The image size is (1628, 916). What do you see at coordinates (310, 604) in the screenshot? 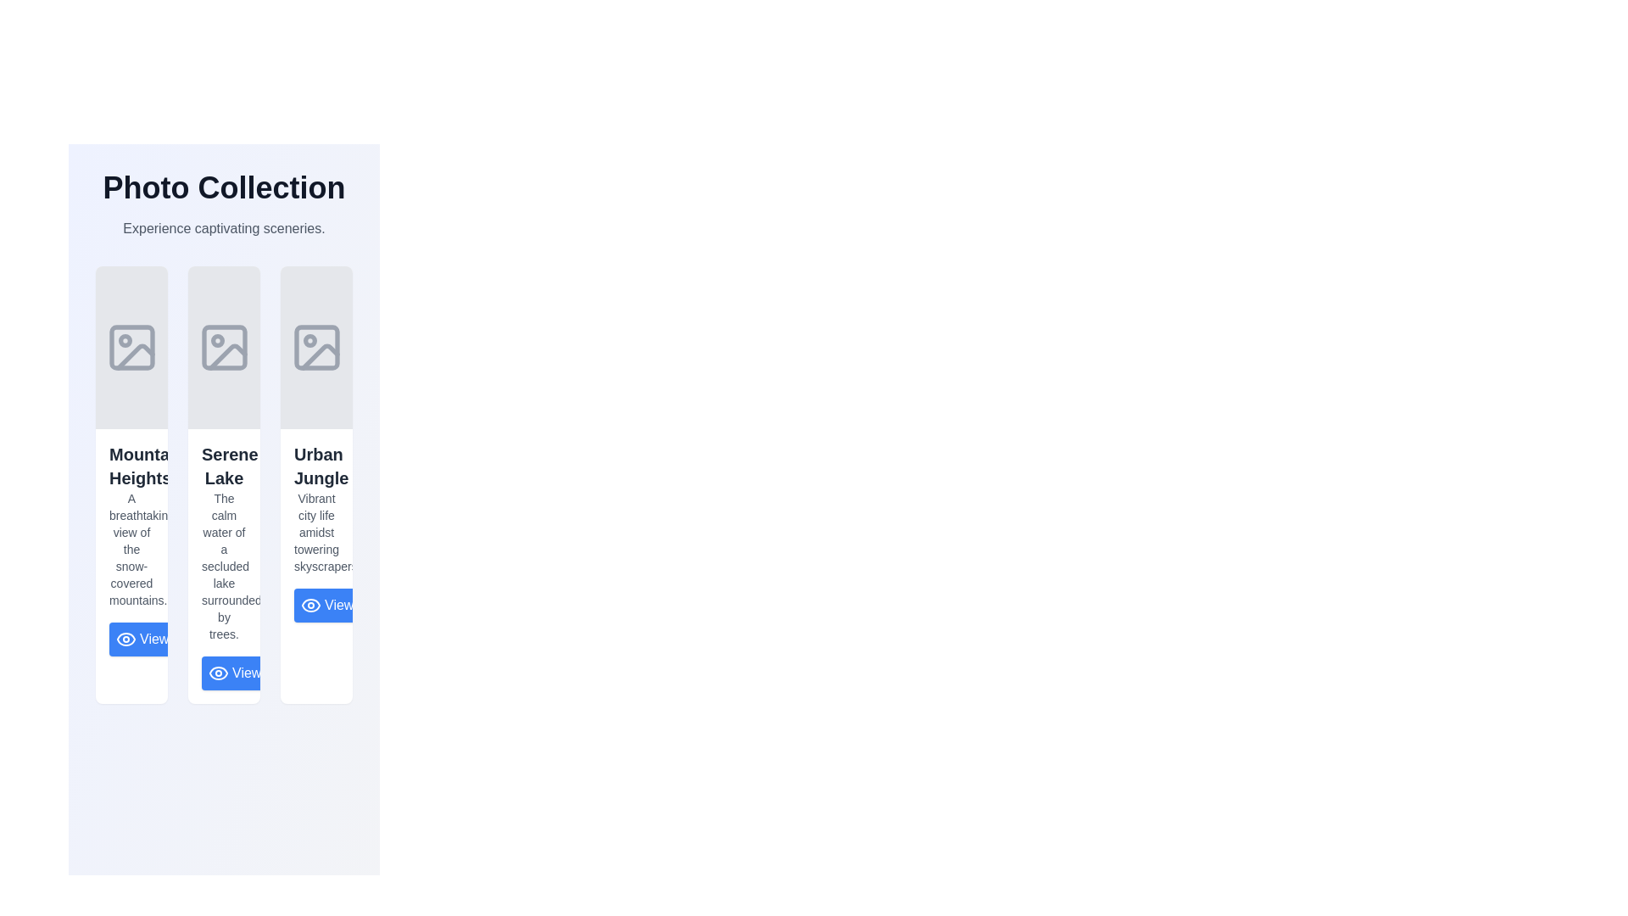
I see `the icon embedded in the blue 'View' button located in the 'Urban Jungle' section, which is the rightmost card under the 'Photo Collection' title` at bounding box center [310, 604].